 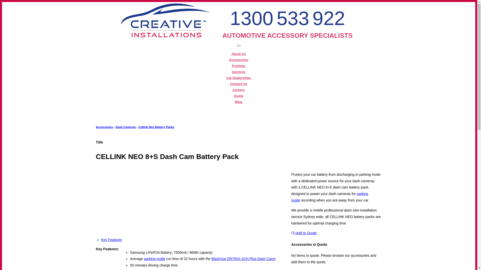 I want to click on 'Quote', so click(x=230, y=96).